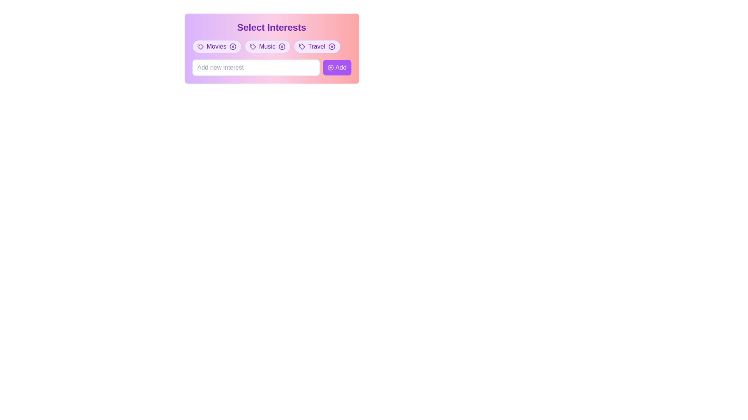 This screenshot has width=748, height=420. What do you see at coordinates (217, 46) in the screenshot?
I see `the close (X) icon of the 'Movies' tag, which is a rounded rectangular tag with a purple border and background, located in the top-left corner of the interface under the heading 'Select Interests'` at bounding box center [217, 46].